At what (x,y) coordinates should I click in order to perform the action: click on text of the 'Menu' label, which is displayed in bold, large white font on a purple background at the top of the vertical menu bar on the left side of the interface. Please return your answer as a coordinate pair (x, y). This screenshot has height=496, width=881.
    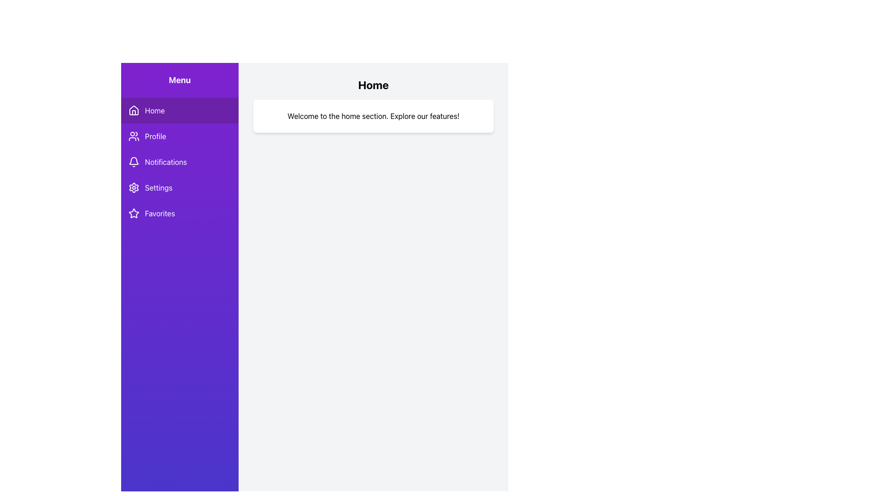
    Looking at the image, I should click on (180, 79).